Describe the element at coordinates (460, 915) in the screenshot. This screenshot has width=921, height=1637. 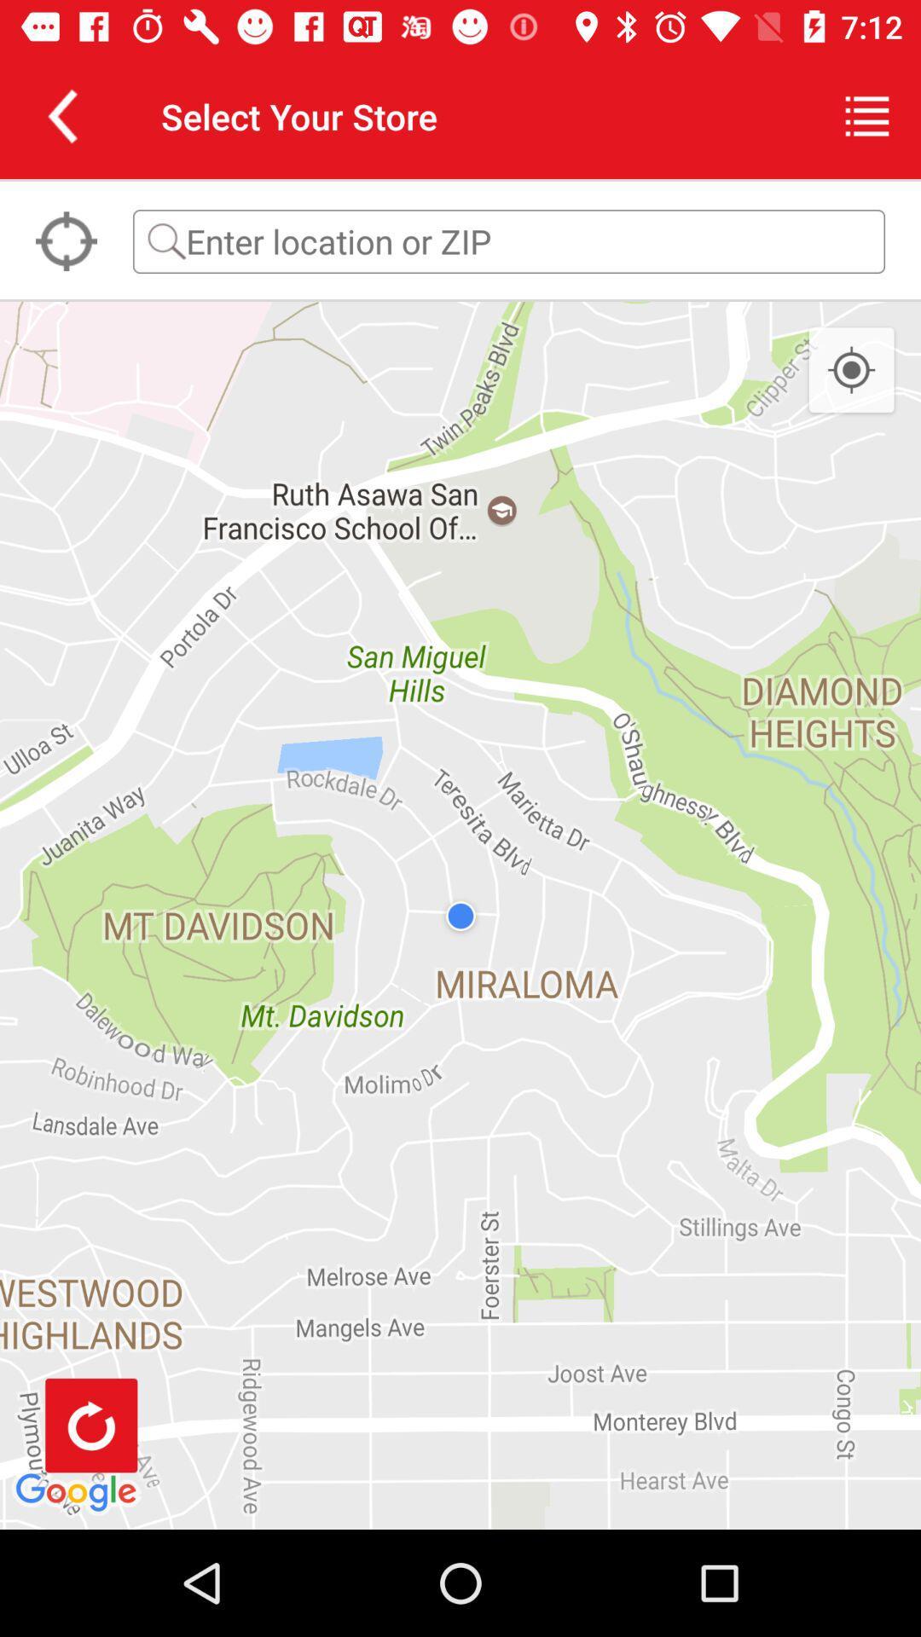
I see `item at the center` at that location.